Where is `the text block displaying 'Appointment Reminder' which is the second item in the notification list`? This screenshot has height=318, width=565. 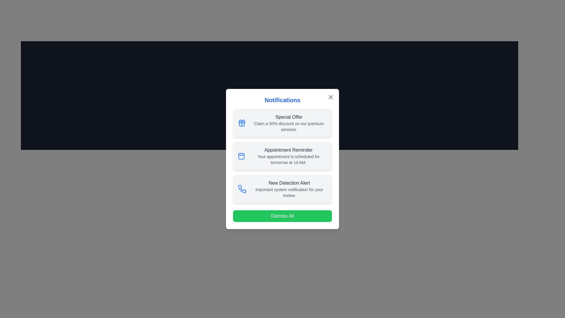 the text block displaying 'Appointment Reminder' which is the second item in the notification list is located at coordinates (288, 155).